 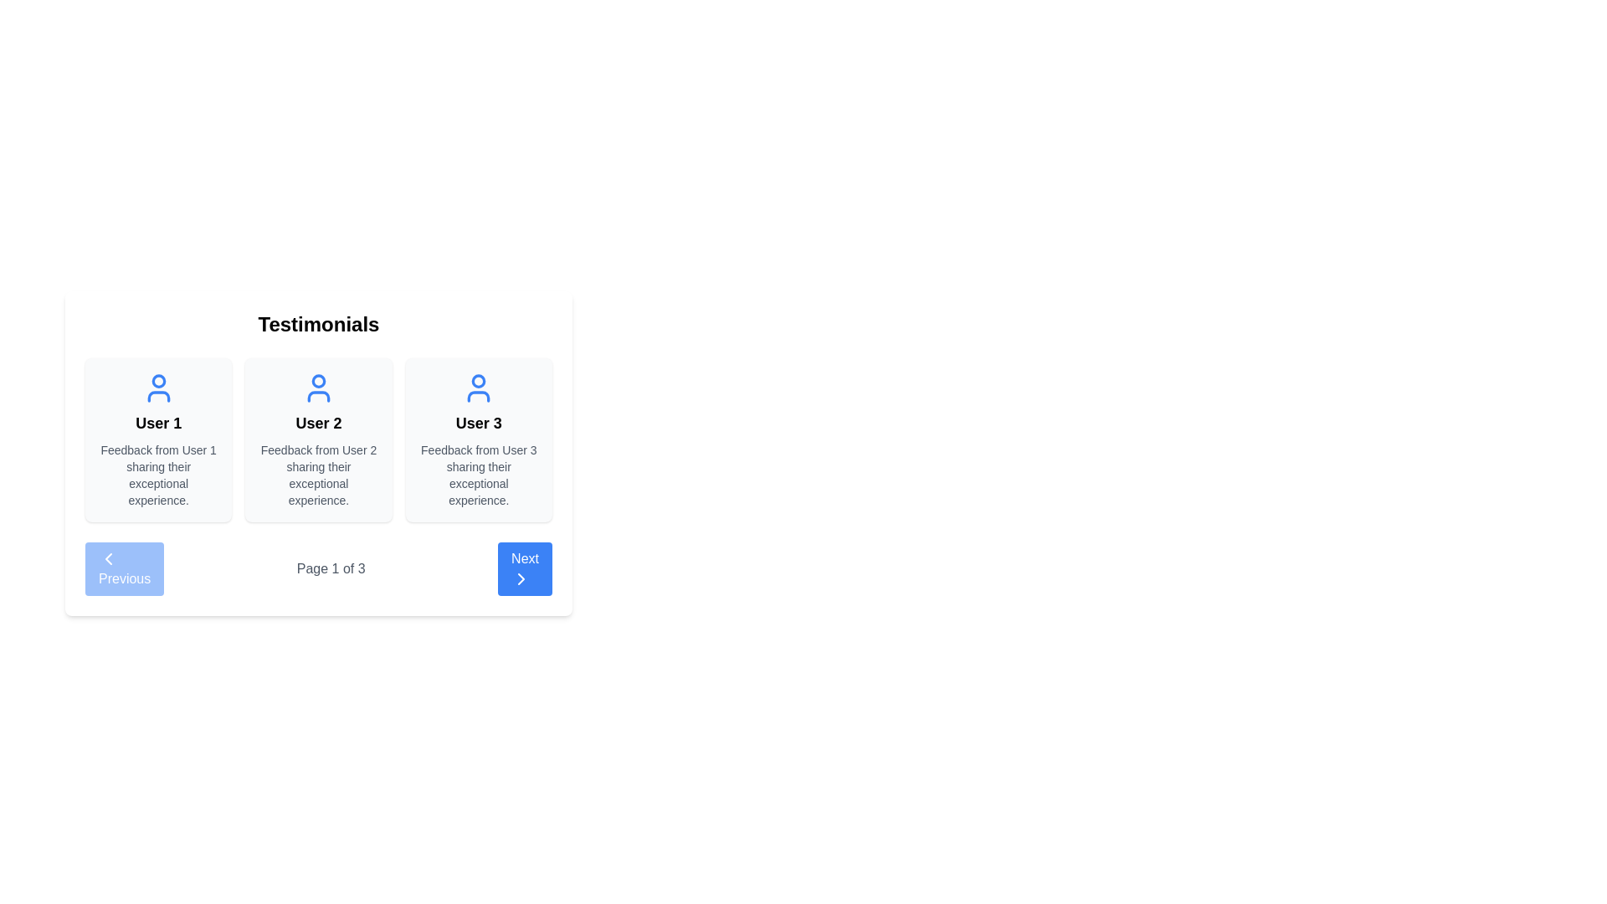 I want to click on the button located at the bottom-right corner of the navigation interface, so click(x=524, y=568).